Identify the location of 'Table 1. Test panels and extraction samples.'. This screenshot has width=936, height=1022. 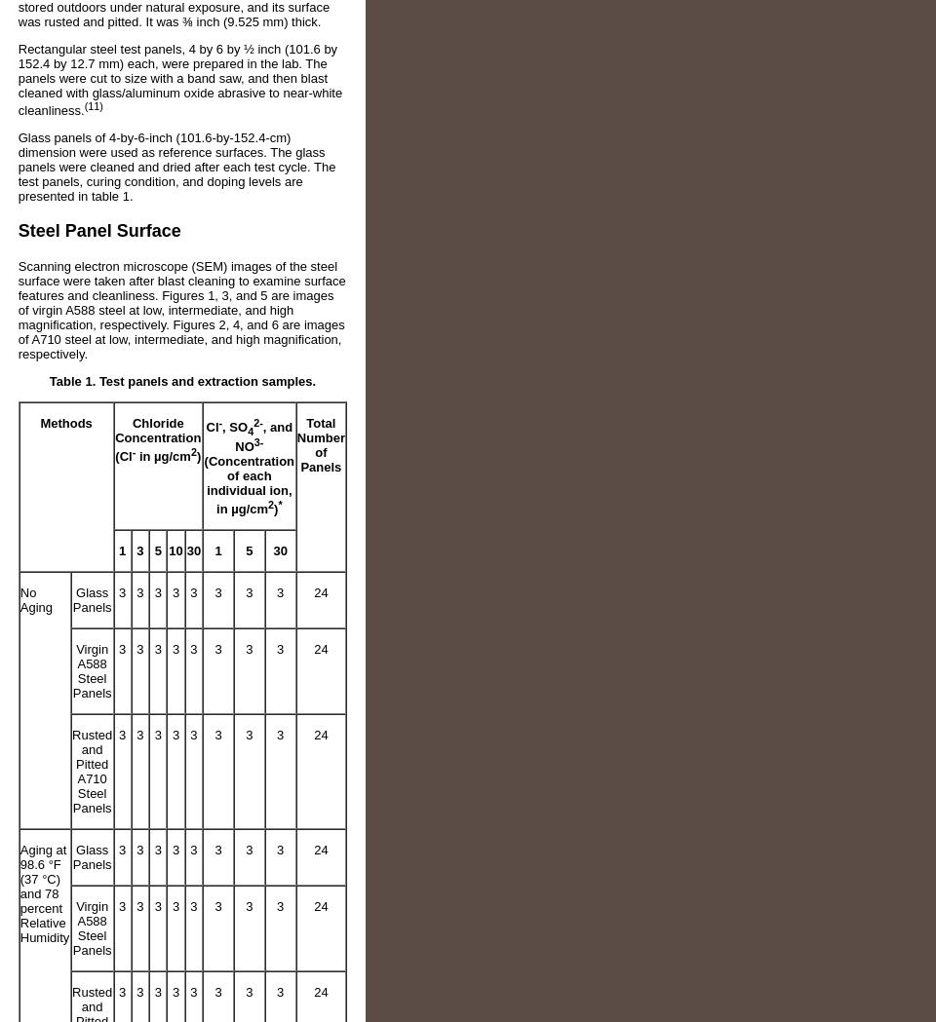
(182, 381).